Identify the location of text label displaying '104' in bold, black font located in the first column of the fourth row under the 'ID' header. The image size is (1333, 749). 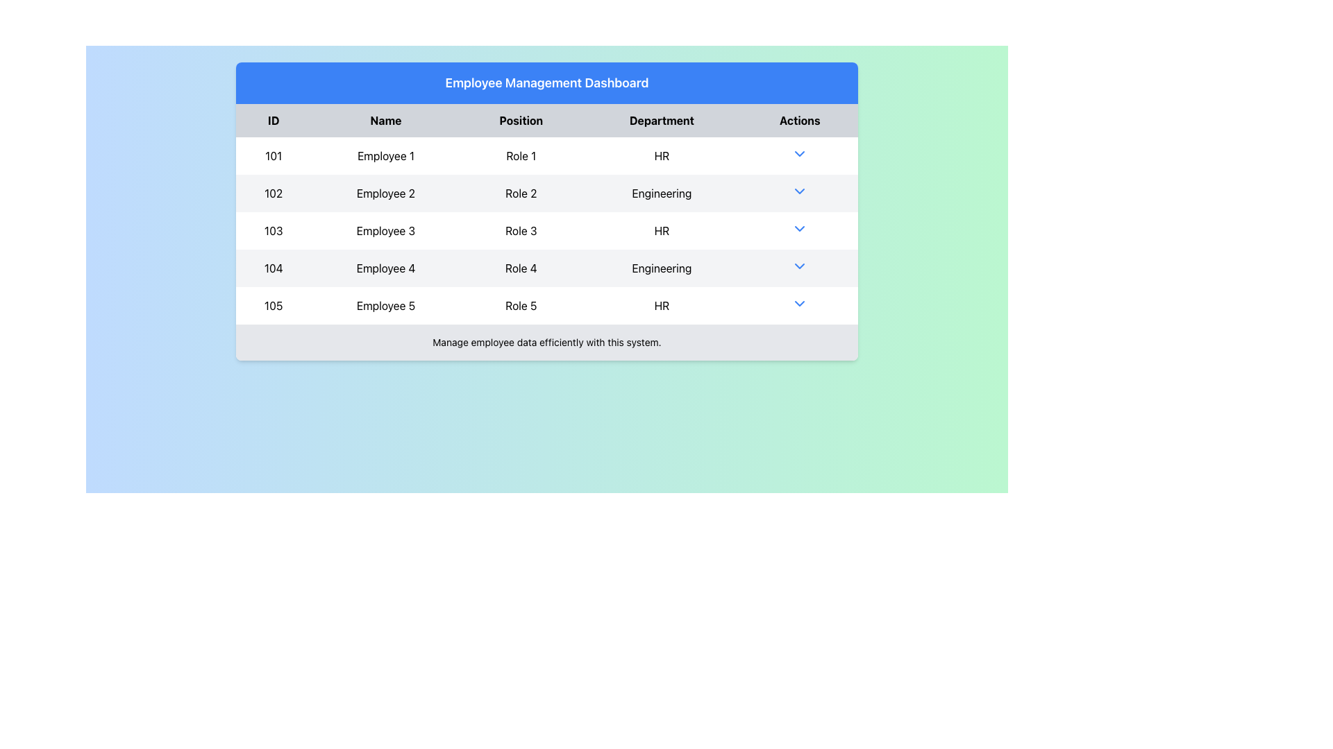
(274, 268).